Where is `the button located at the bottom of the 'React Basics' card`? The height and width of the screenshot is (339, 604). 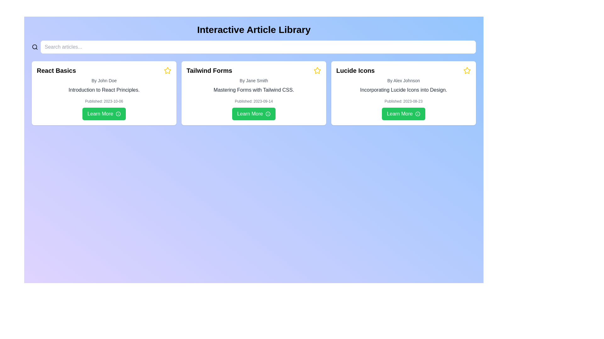 the button located at the bottom of the 'React Basics' card is located at coordinates (104, 114).